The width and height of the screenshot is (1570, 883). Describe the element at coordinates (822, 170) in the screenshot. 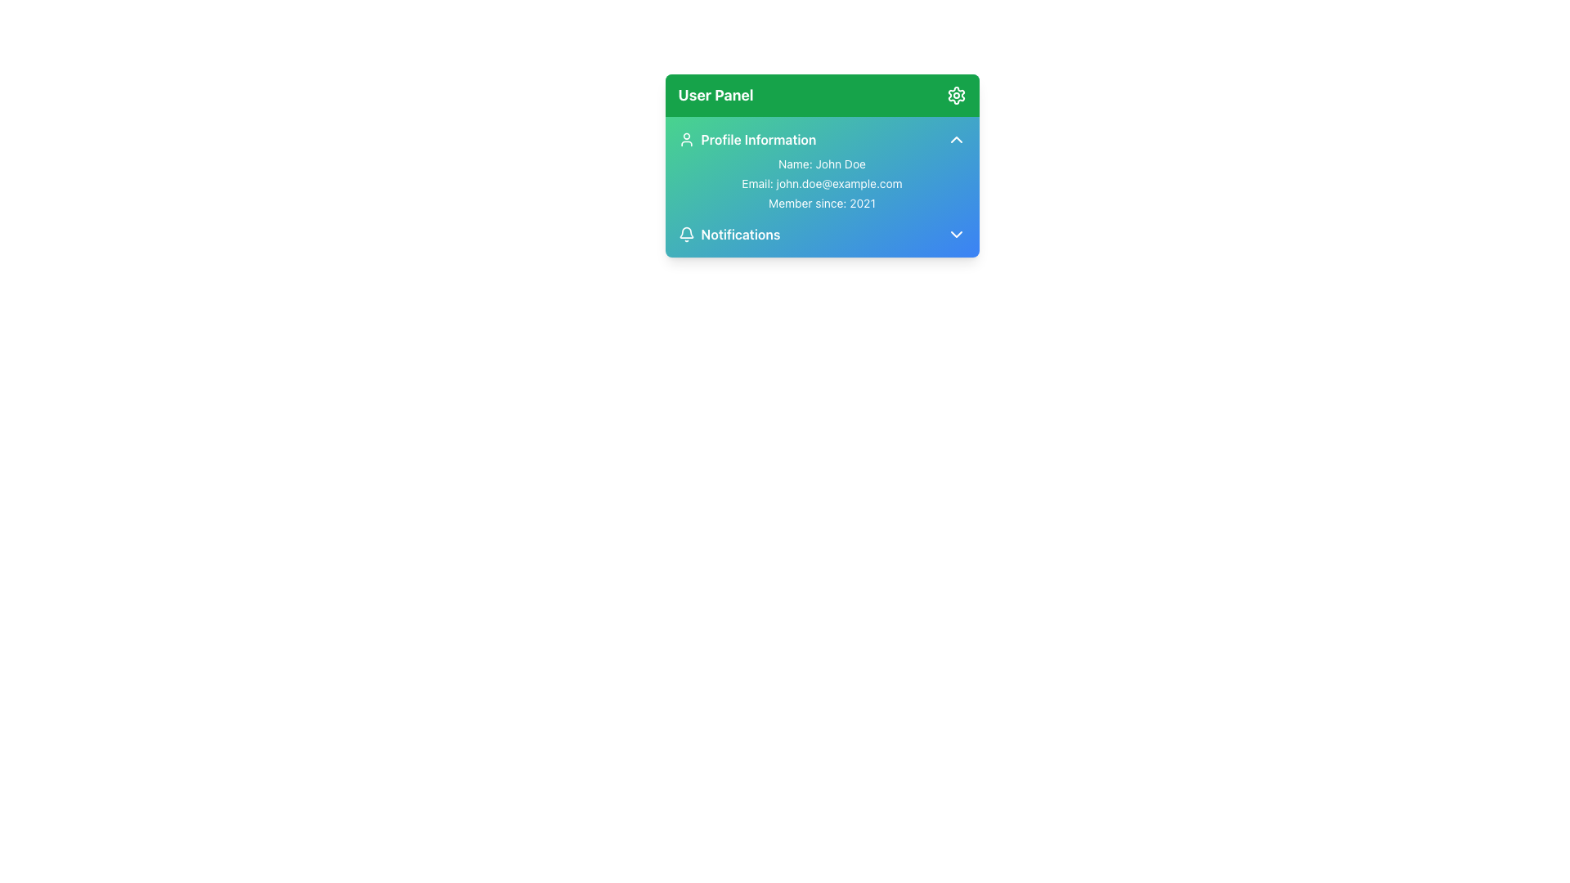

I see `the Informational section that summarizes the user's profile information, including their name, email, and membership starting year, located within the 'User Panel' card interface` at that location.